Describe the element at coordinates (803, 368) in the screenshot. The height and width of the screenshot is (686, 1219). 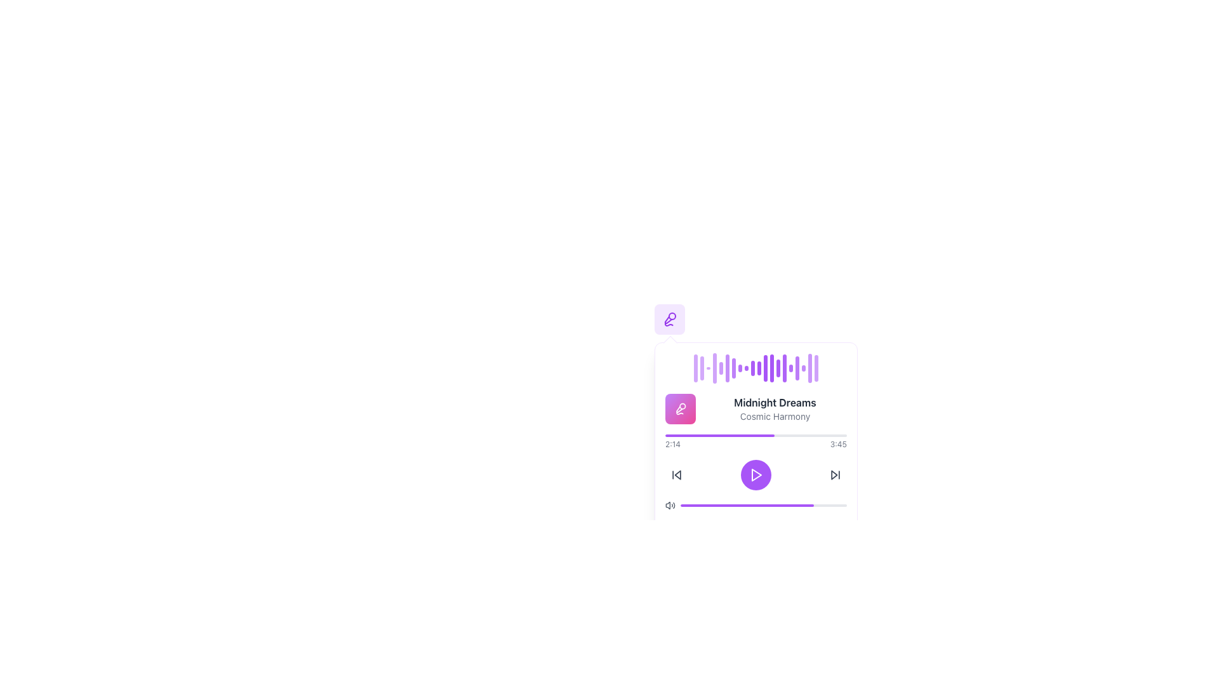
I see `the 18th purple vertical bar with rounded ends that has a pulsating animation effect` at that location.